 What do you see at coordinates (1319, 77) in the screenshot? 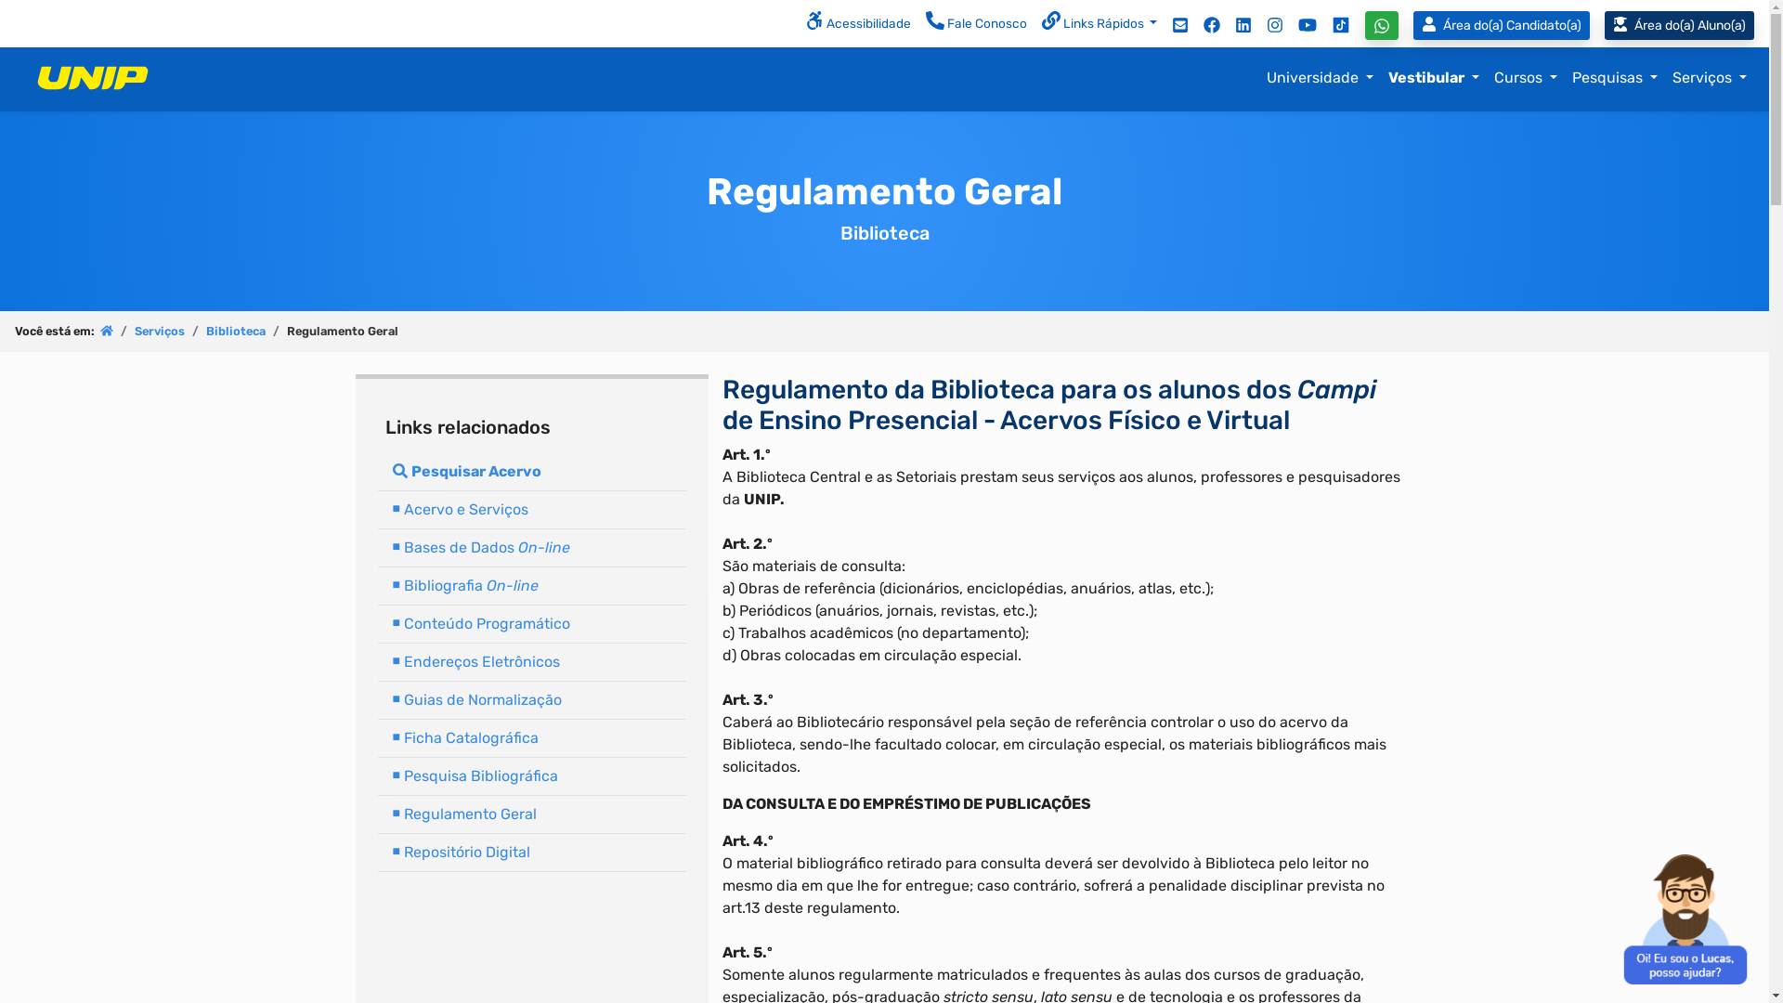
I see `'Universidade'` at bounding box center [1319, 77].